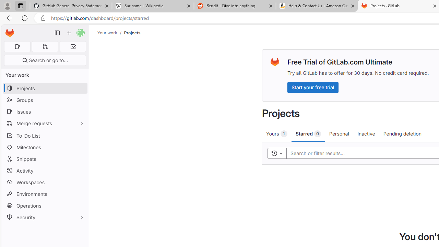 The height and width of the screenshot is (247, 439). I want to click on 'Toggle history', so click(277, 153).